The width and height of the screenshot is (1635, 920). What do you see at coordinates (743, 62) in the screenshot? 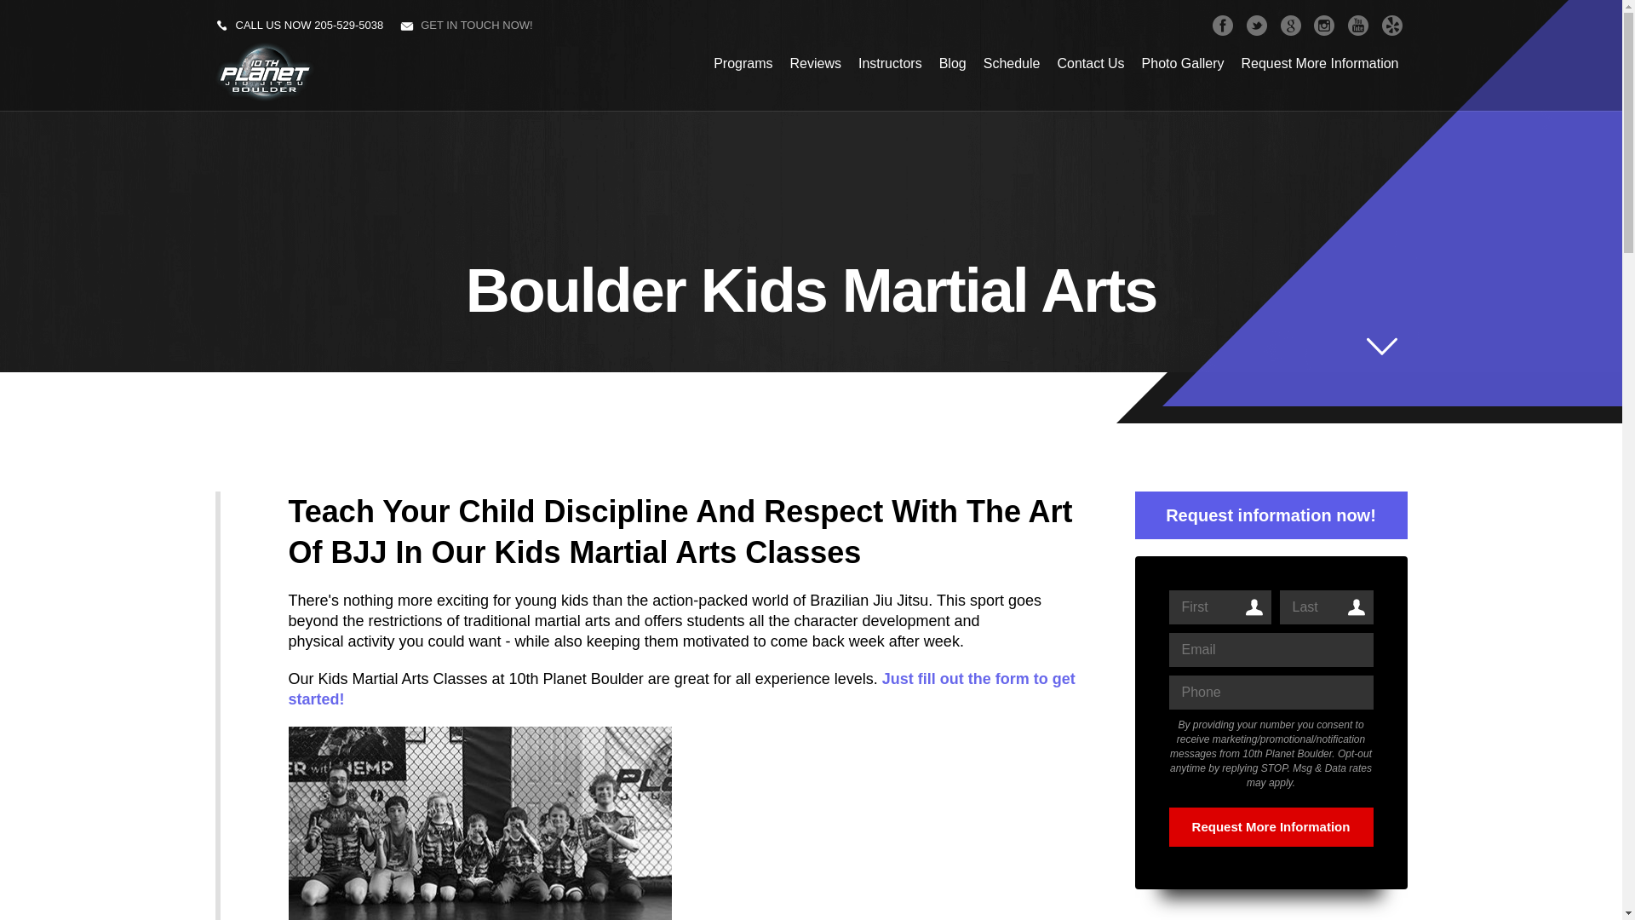
I see `'Programs'` at bounding box center [743, 62].